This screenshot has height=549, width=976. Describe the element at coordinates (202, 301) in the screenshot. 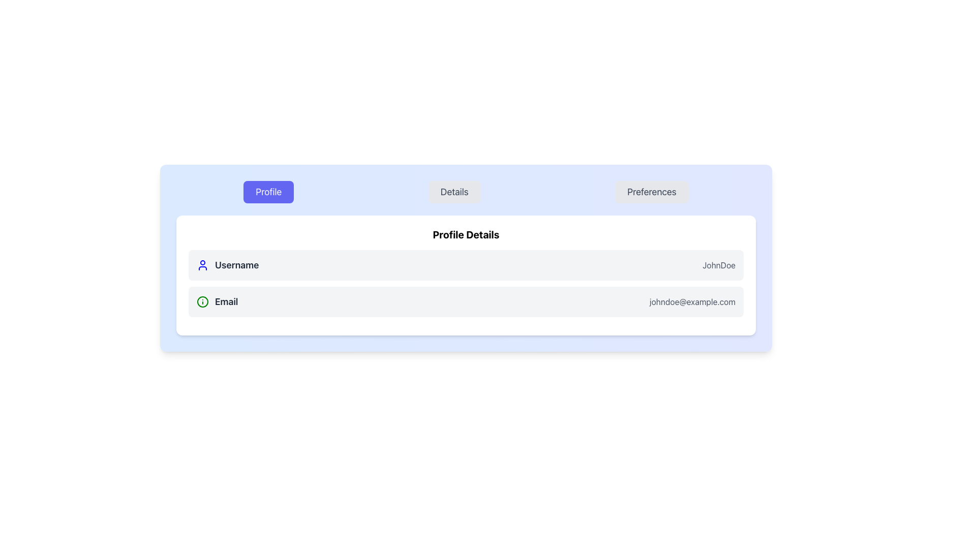

I see `green circular outline graphical icon component located in the second row of the profile details section adjacent to the 'Email' label by using developer tools` at that location.